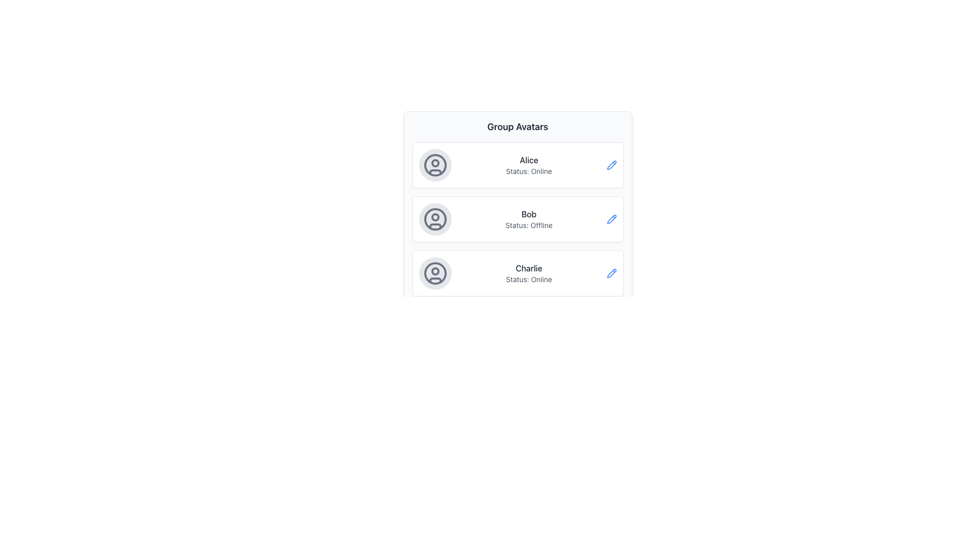  Describe the element at coordinates (518, 273) in the screenshot. I see `the user information component displaying 'Charlie' with a user profile icon, located in the 'Group Avatars' section as the third item` at that location.